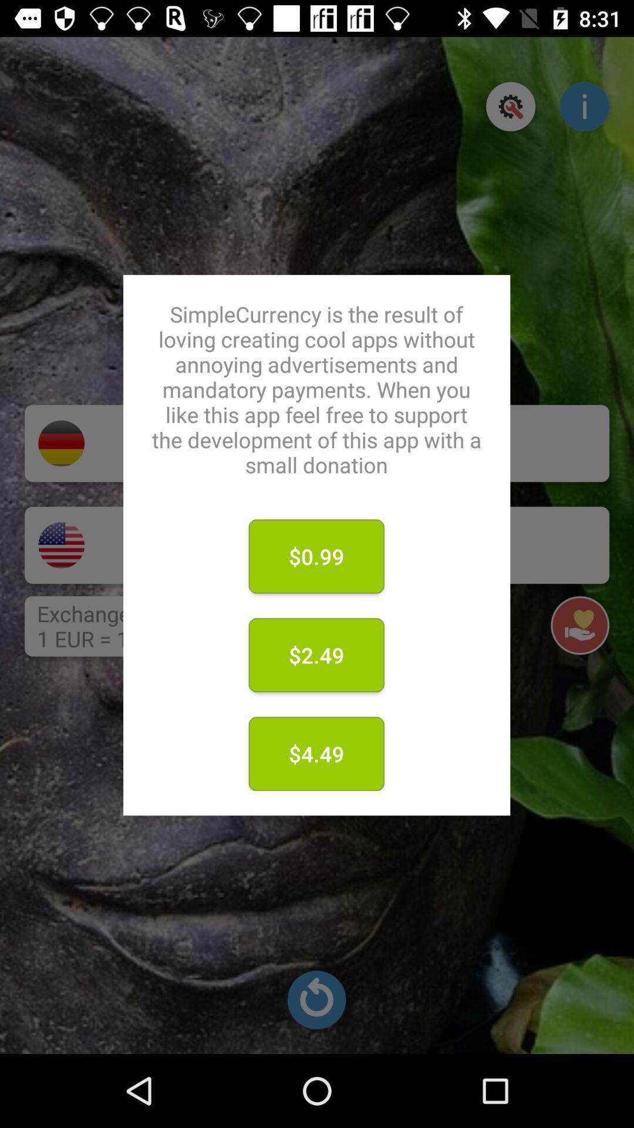  Describe the element at coordinates (61, 545) in the screenshot. I see `the national_flag icon` at that location.